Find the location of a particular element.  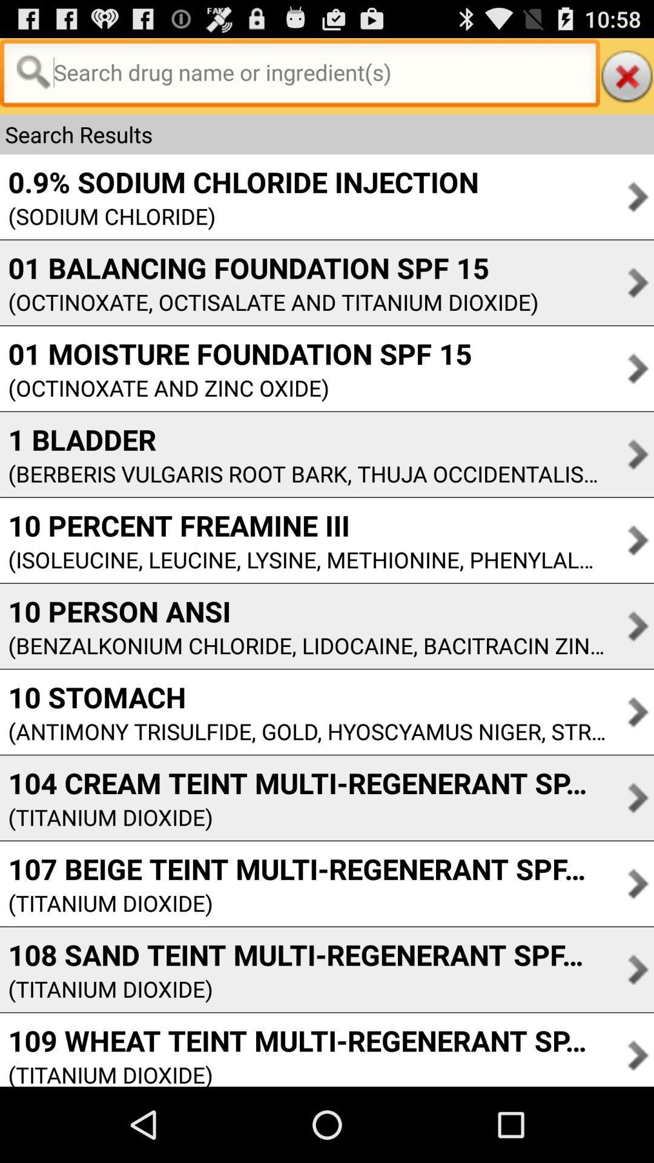

the 107 beige teint is located at coordinates (302, 868).